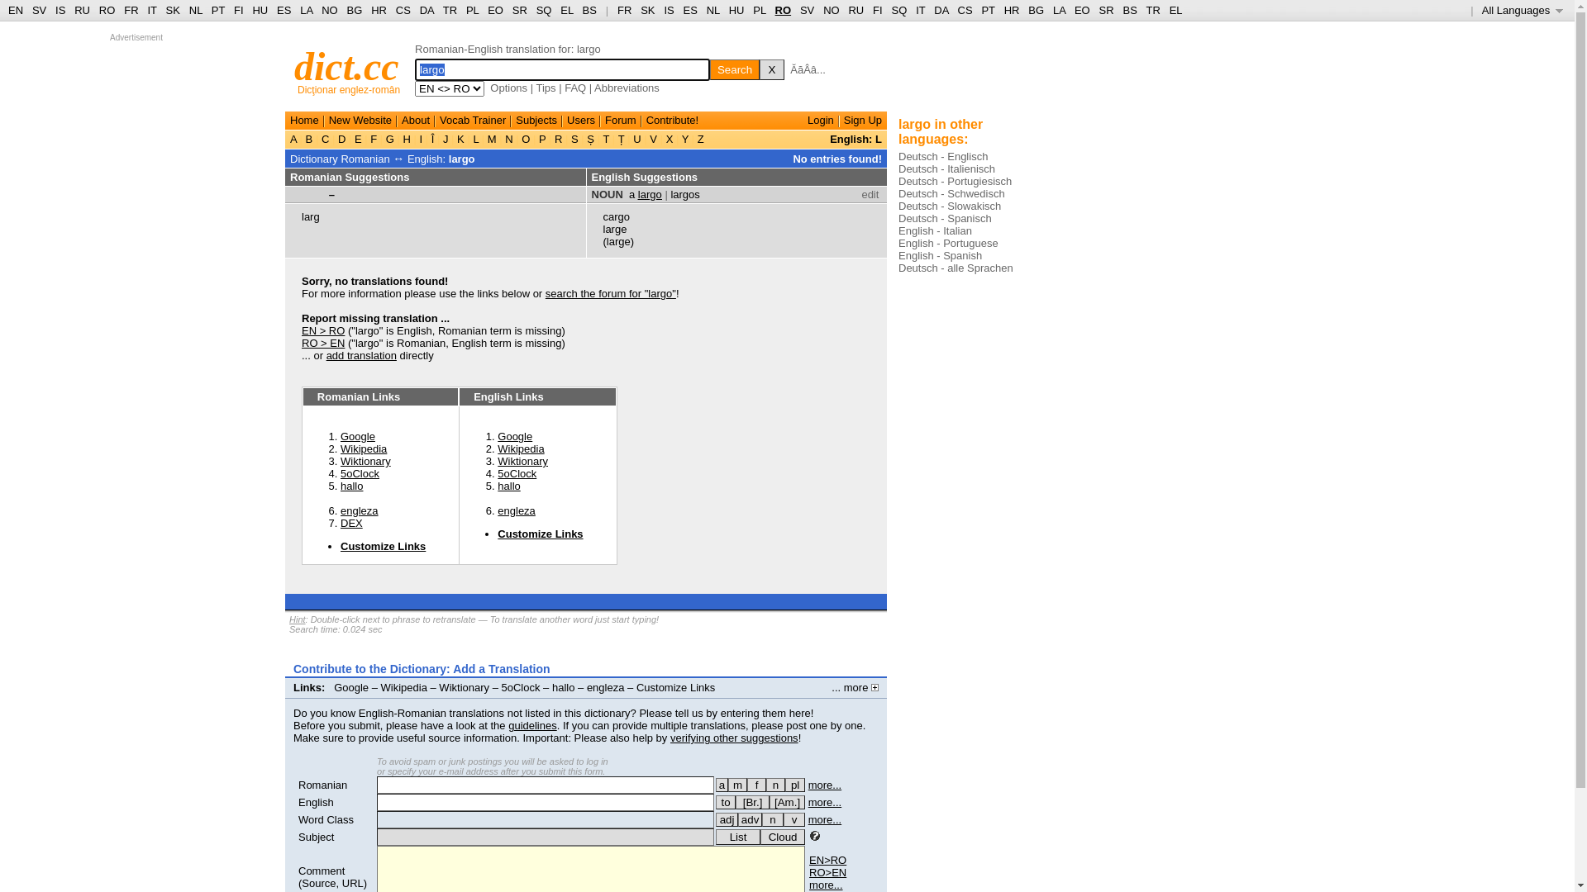 This screenshot has width=1587, height=892. Describe the element at coordinates (855, 687) in the screenshot. I see `'... more'` at that location.